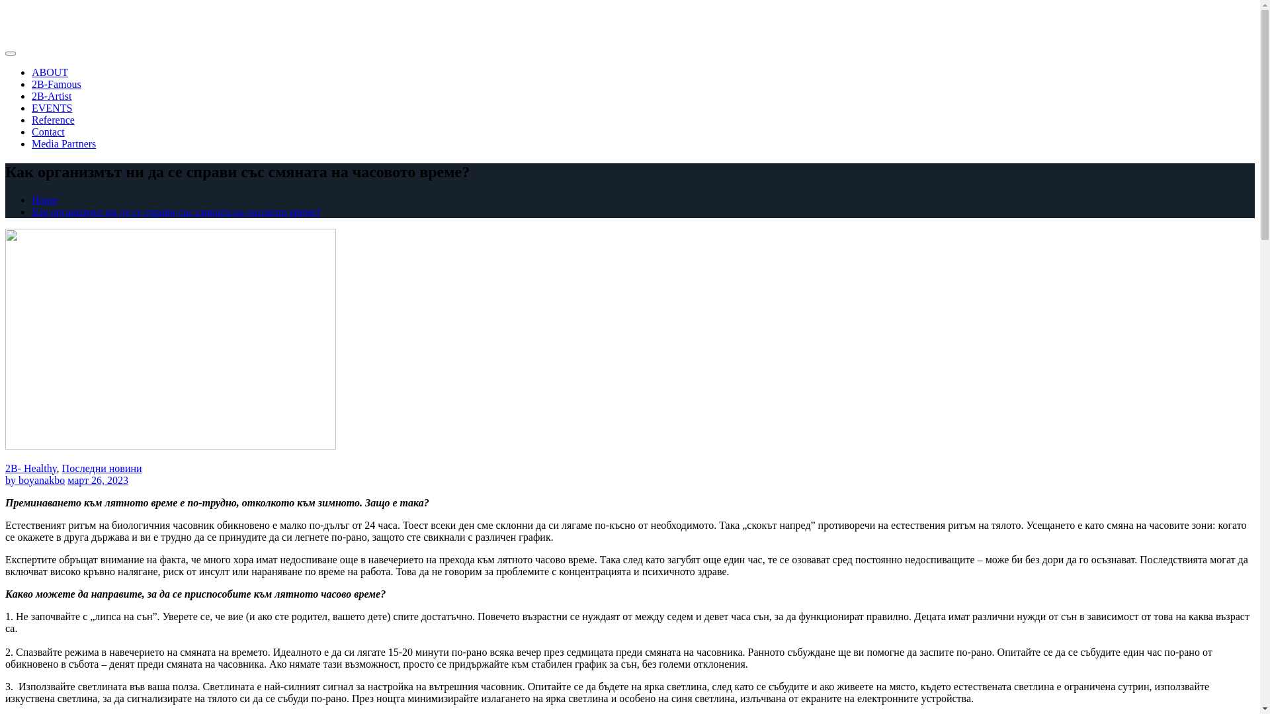  Describe the element at coordinates (48, 132) in the screenshot. I see `'Contact'` at that location.